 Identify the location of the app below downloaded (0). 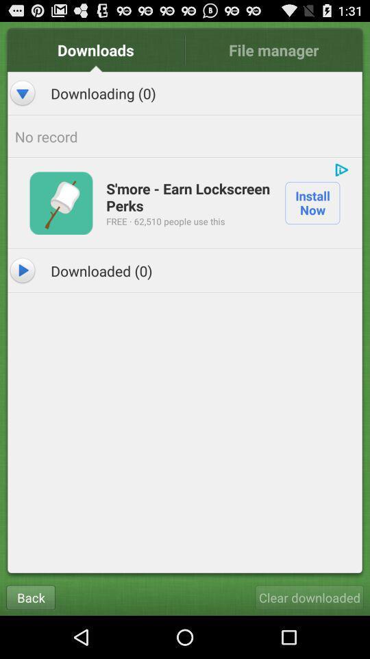
(309, 597).